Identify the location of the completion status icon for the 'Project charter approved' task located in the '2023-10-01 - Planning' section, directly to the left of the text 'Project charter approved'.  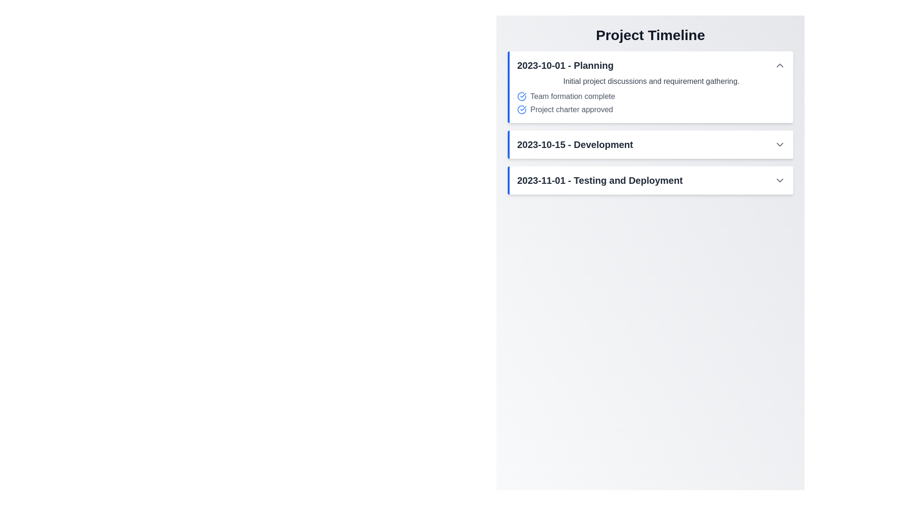
(521, 109).